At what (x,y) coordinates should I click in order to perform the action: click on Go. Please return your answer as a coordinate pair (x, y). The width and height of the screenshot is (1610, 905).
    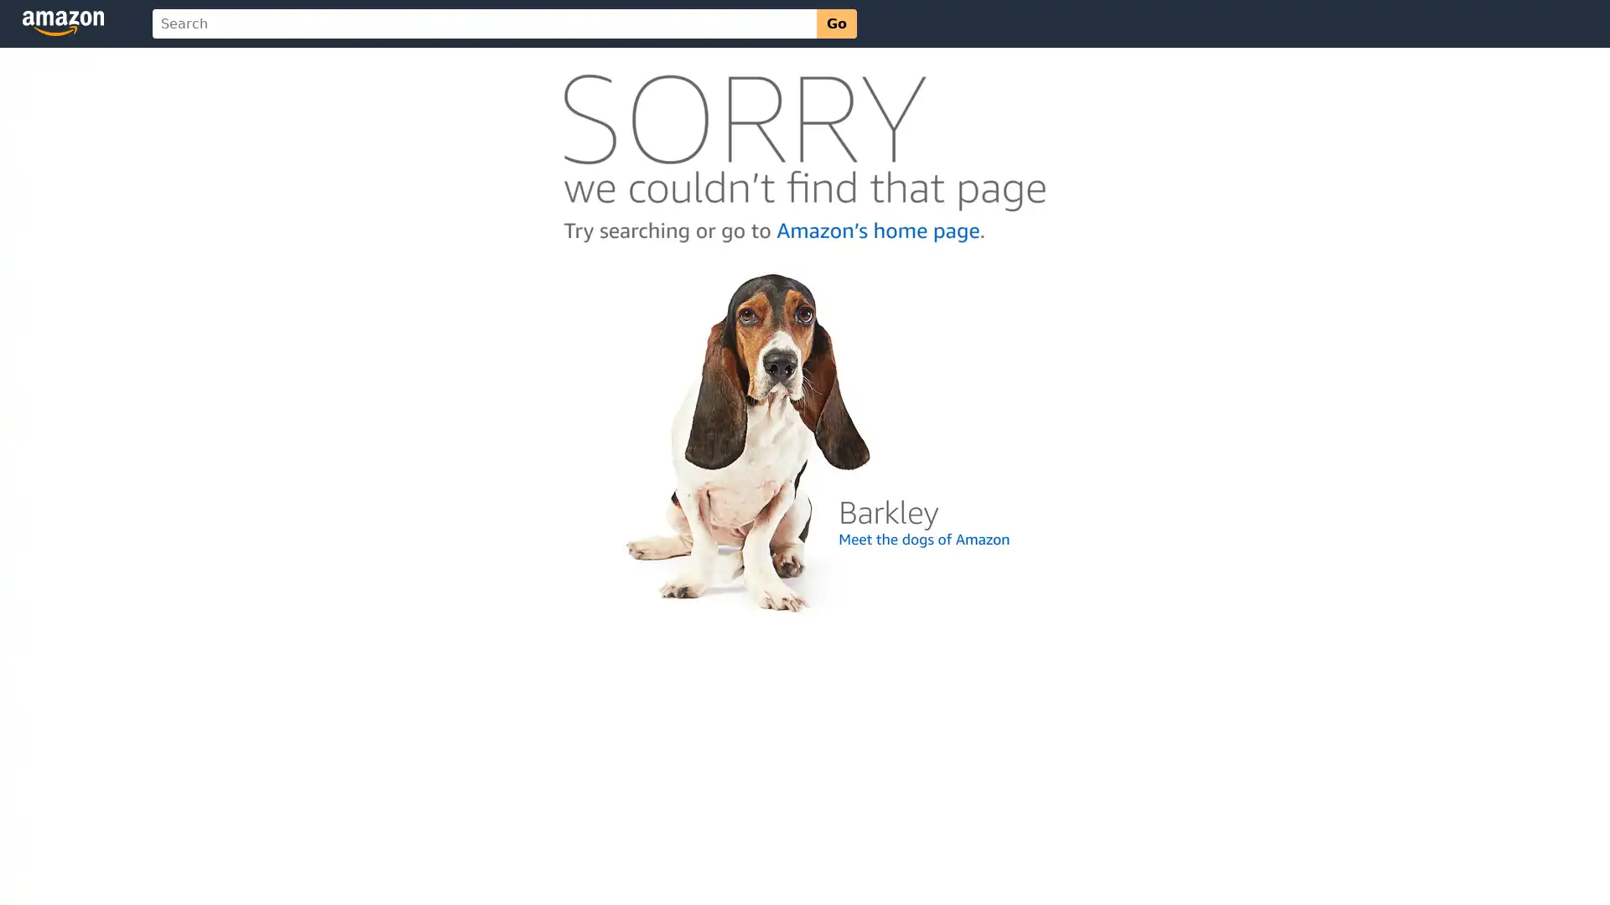
    Looking at the image, I should click on (837, 23).